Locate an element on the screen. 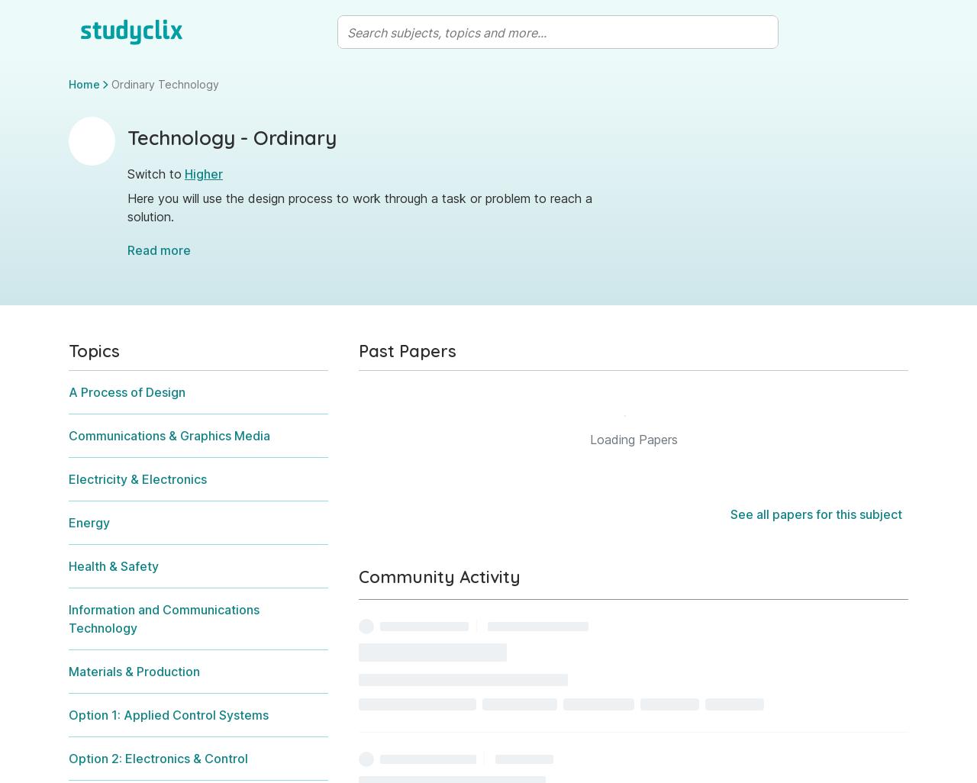  'Blog' is located at coordinates (742, 607).